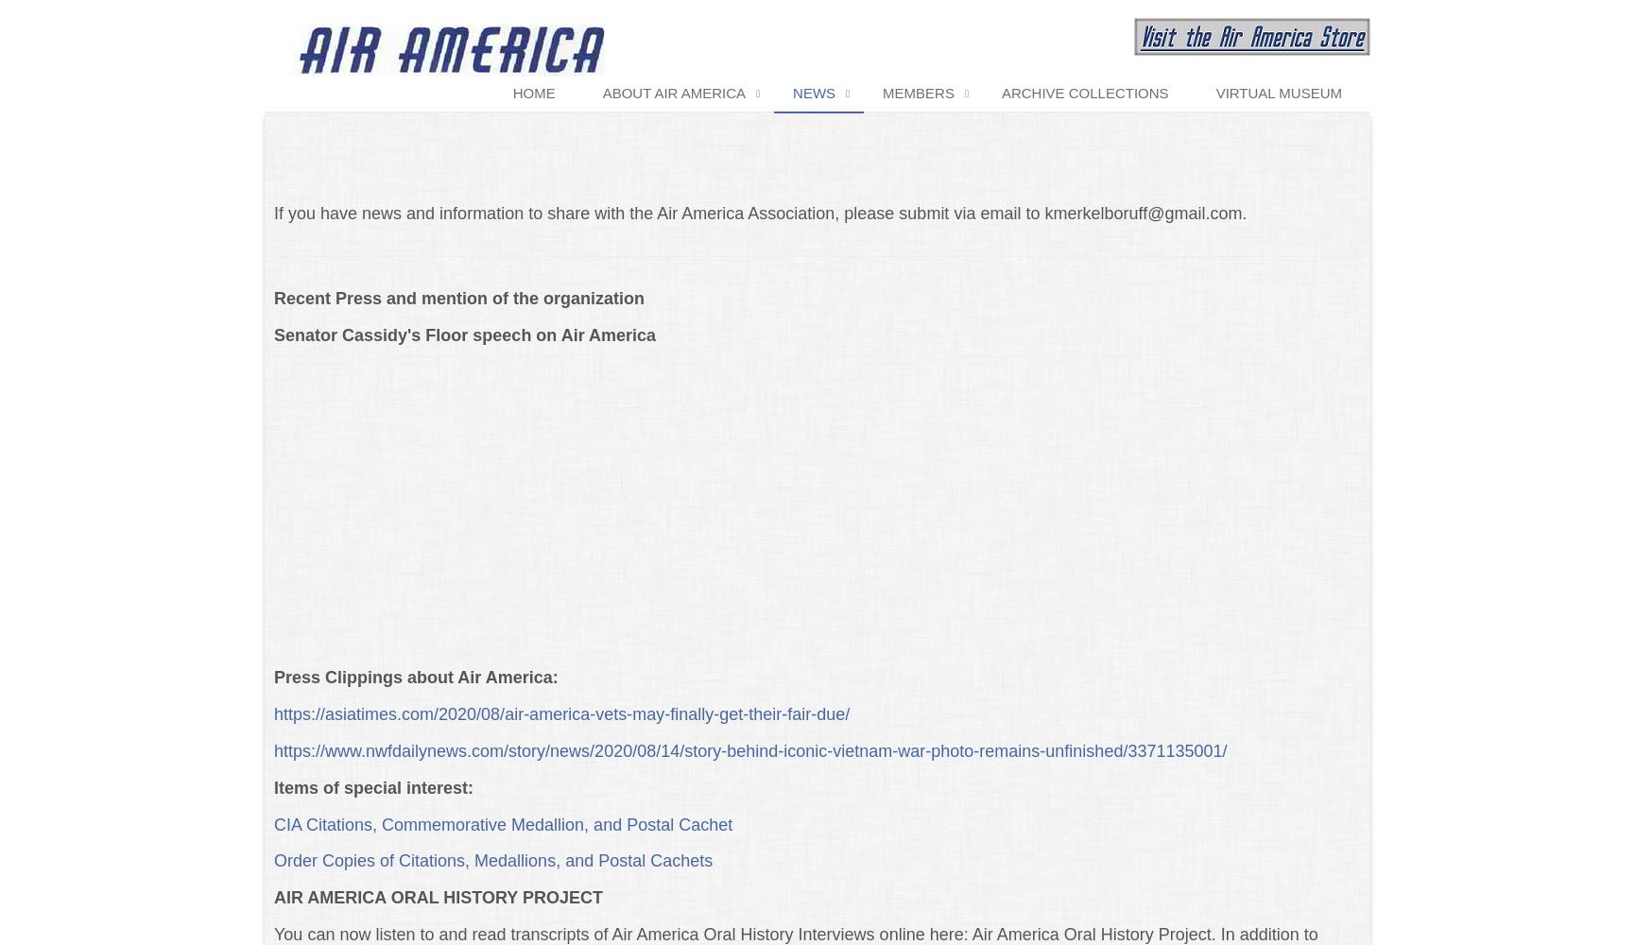 This screenshot has width=1635, height=945. I want to click on 'Archive Collections', so click(1083, 91).